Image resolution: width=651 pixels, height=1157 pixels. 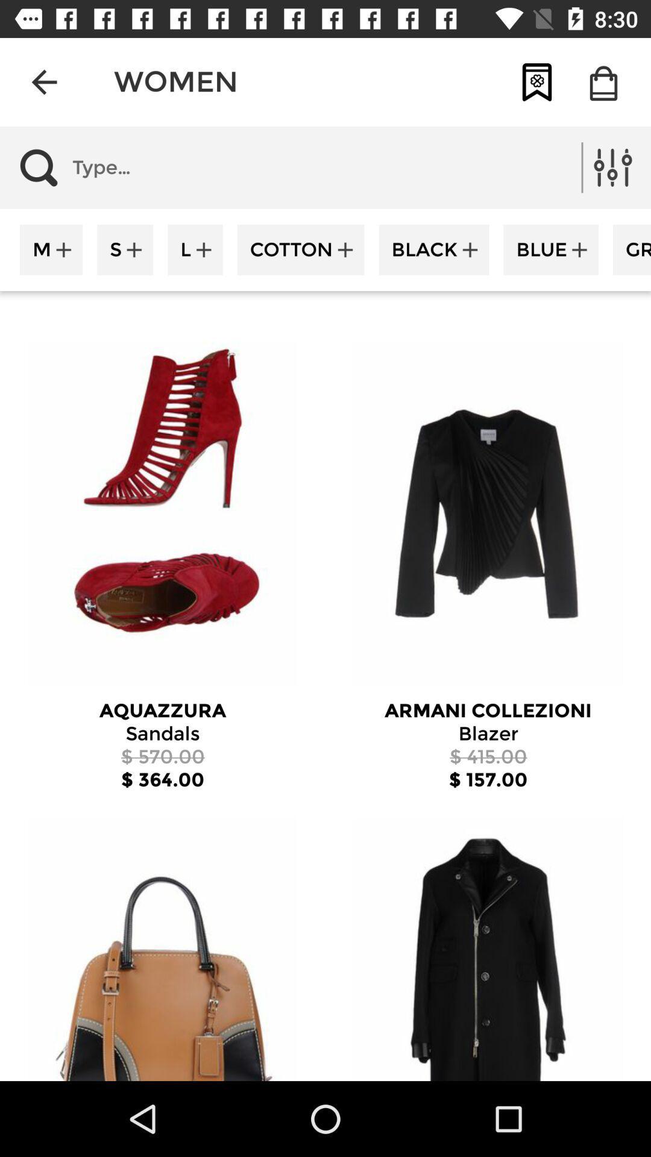 I want to click on icon to the right of cotton item, so click(x=434, y=249).